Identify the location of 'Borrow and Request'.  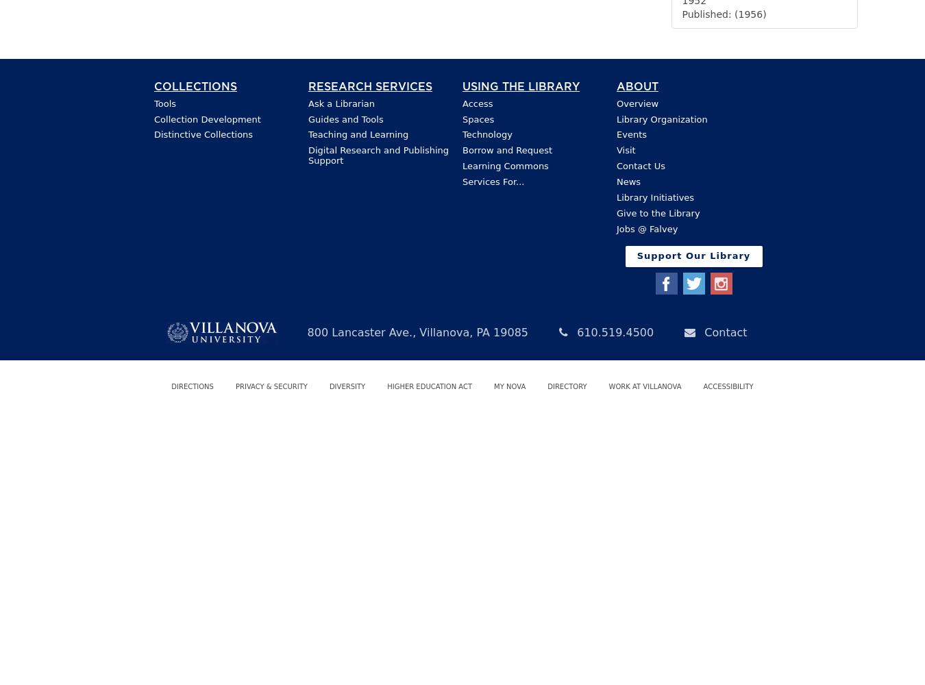
(506, 149).